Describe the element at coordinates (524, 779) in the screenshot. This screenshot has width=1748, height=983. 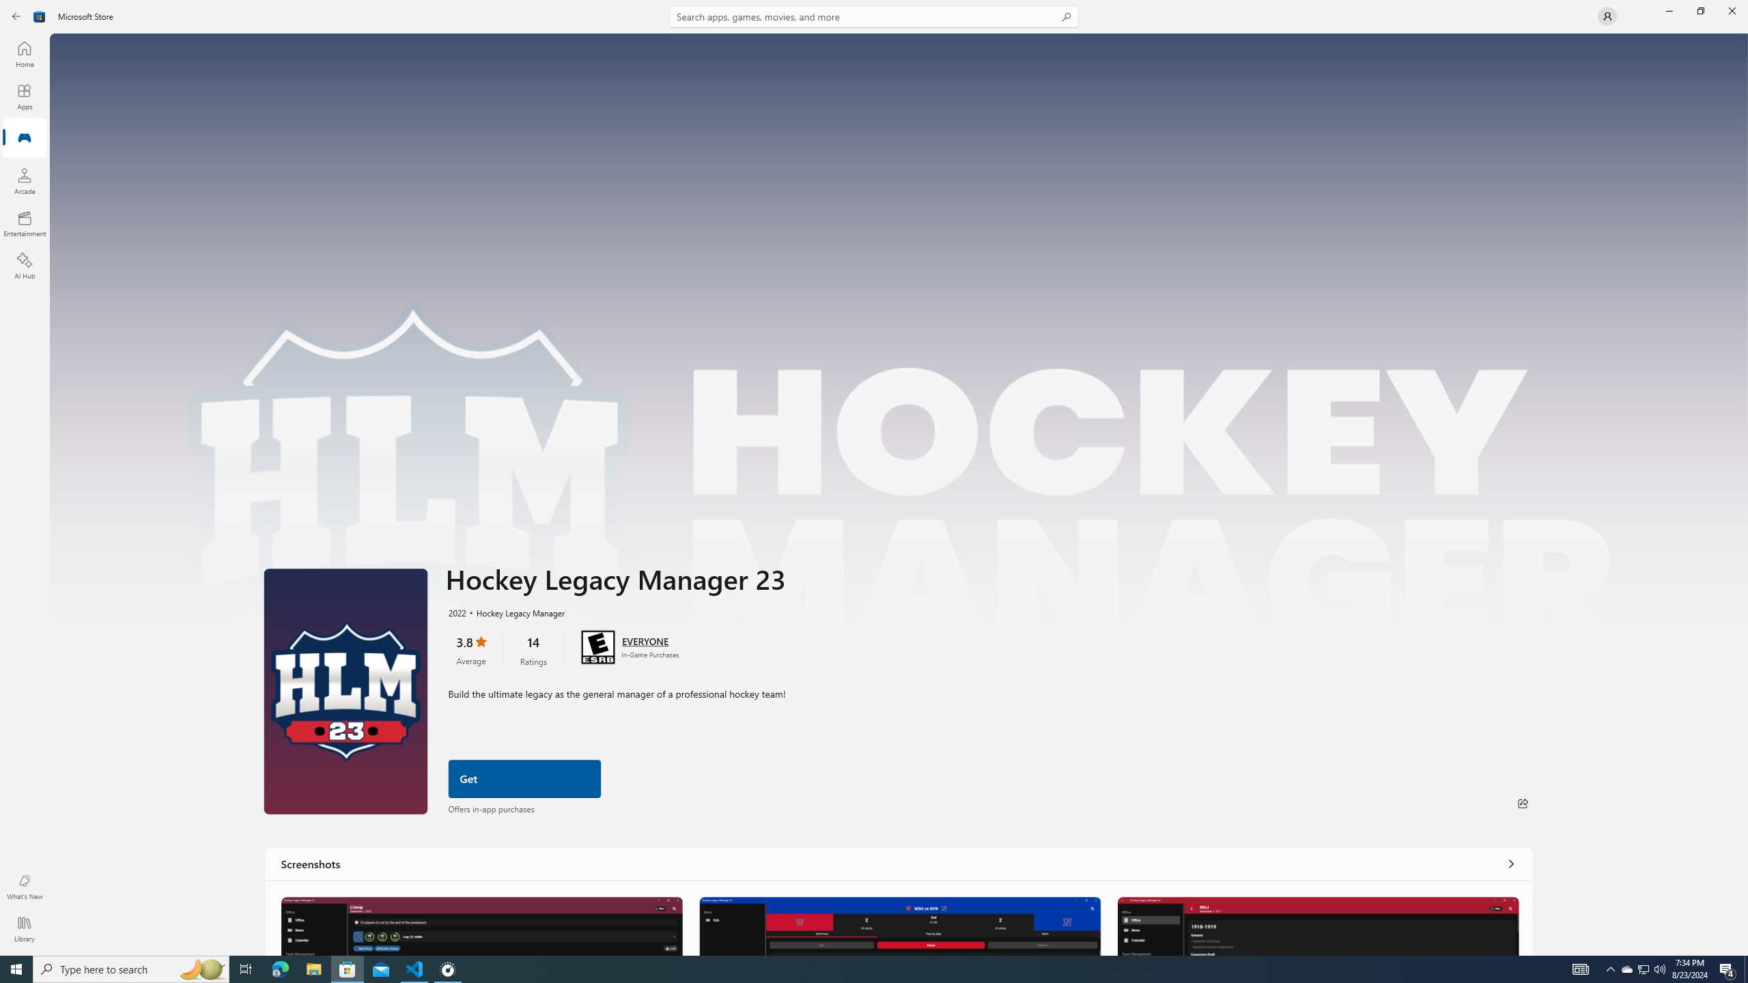
I see `'Get'` at that location.